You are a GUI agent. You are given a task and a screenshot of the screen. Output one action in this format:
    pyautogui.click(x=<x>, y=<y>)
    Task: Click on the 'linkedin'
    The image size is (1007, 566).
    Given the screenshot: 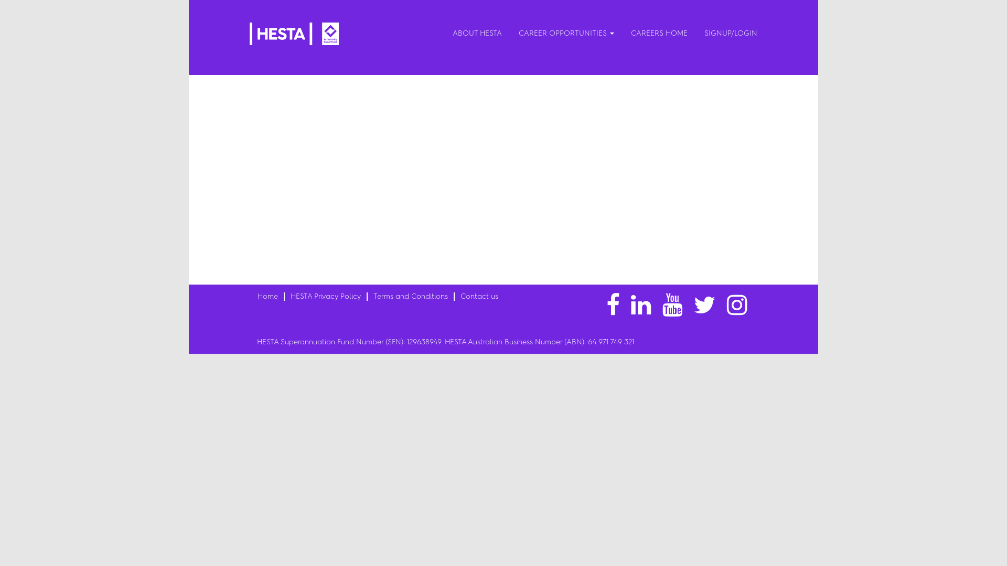 What is the action you would take?
    pyautogui.click(x=640, y=305)
    